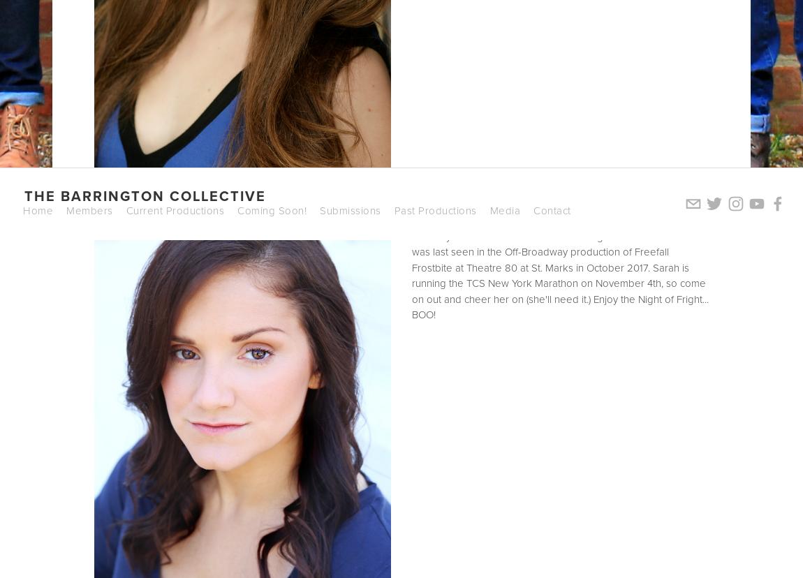 This screenshot has height=578, width=803. What do you see at coordinates (88, 209) in the screenshot?
I see `'Members'` at bounding box center [88, 209].